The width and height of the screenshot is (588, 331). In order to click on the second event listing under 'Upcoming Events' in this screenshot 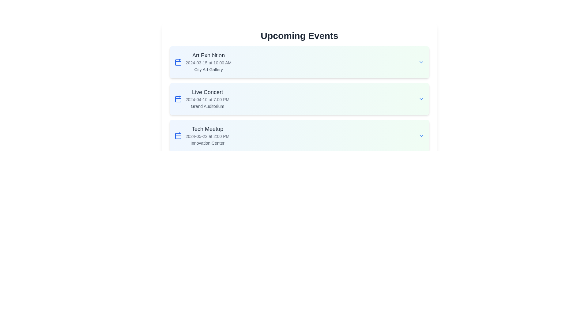, I will do `click(207, 99)`.